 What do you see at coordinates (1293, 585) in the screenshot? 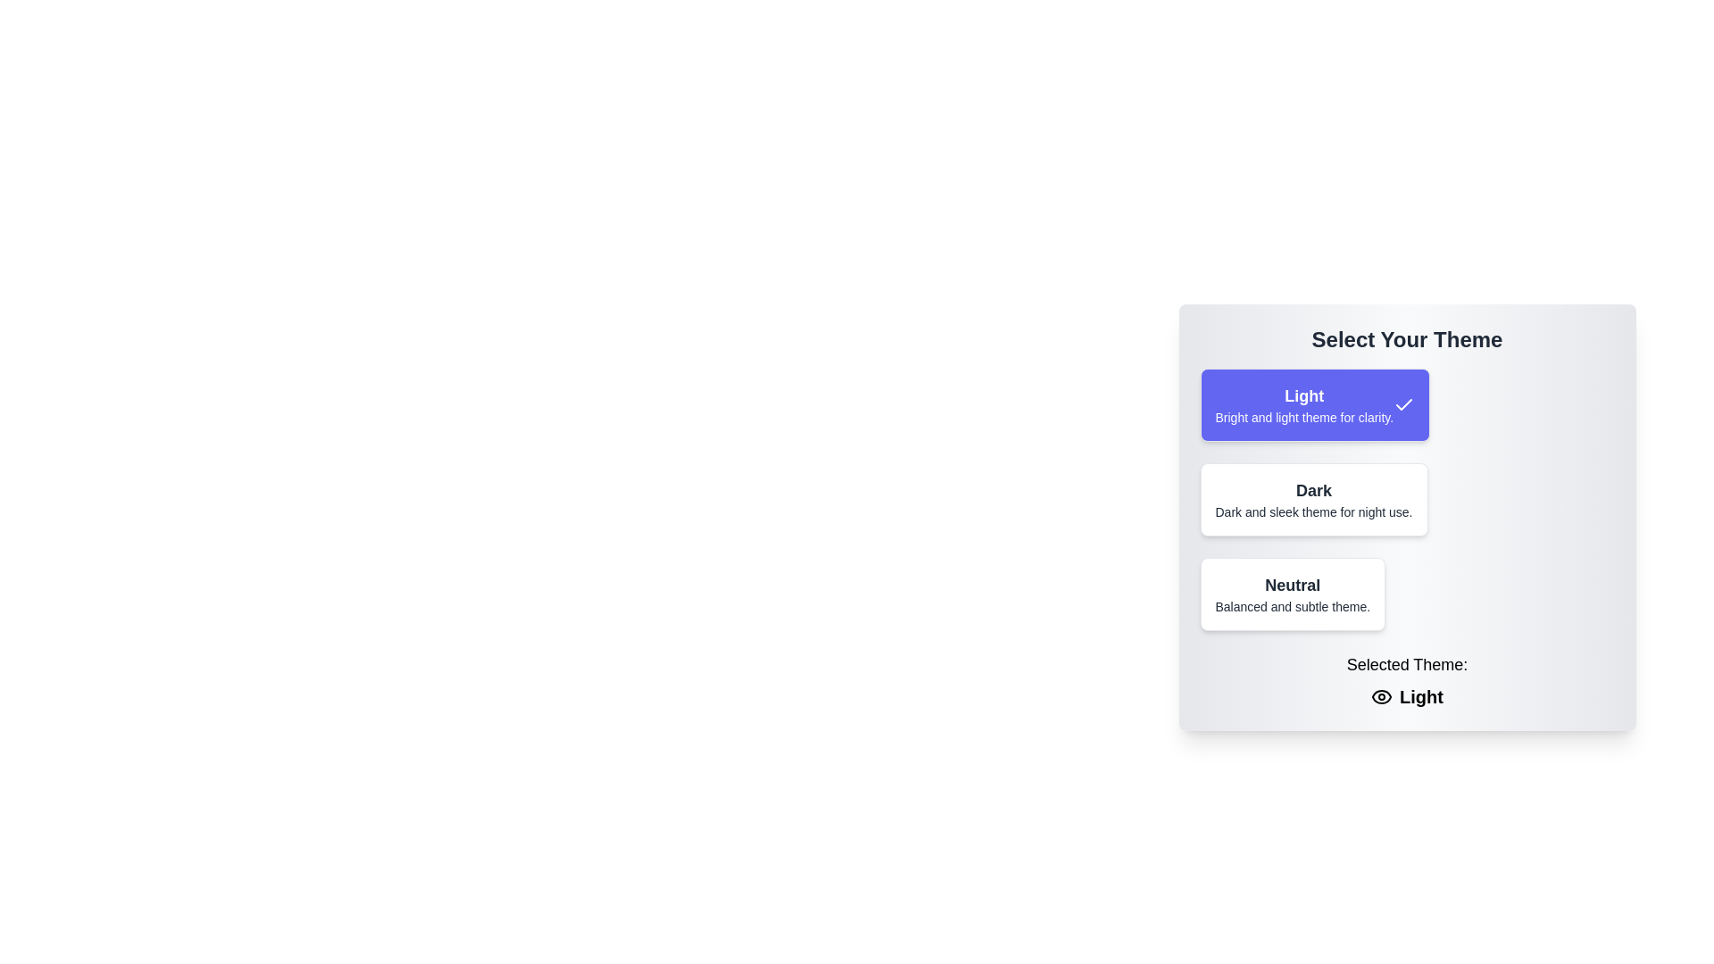
I see `the text label displaying 'Neutral', which is styled with bold and enlarged font, located in the center of the 'Neutral' theme selection button` at bounding box center [1293, 585].